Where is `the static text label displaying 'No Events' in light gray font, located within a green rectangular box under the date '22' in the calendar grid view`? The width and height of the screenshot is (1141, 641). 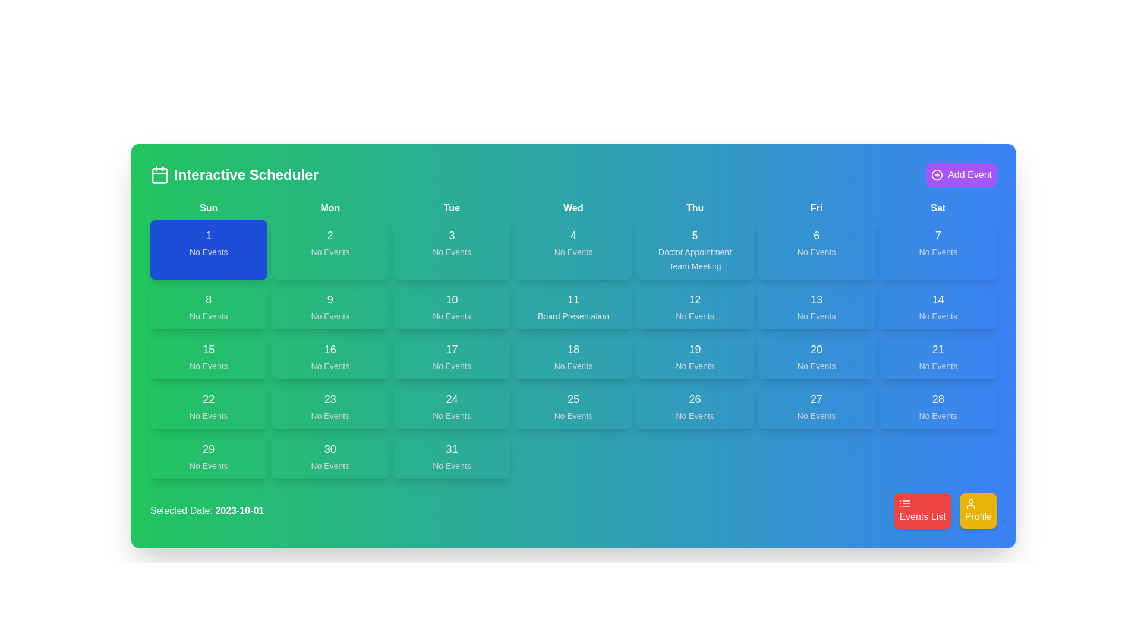
the static text label displaying 'No Events' in light gray font, located within a green rectangular box under the date '22' in the calendar grid view is located at coordinates (209, 415).